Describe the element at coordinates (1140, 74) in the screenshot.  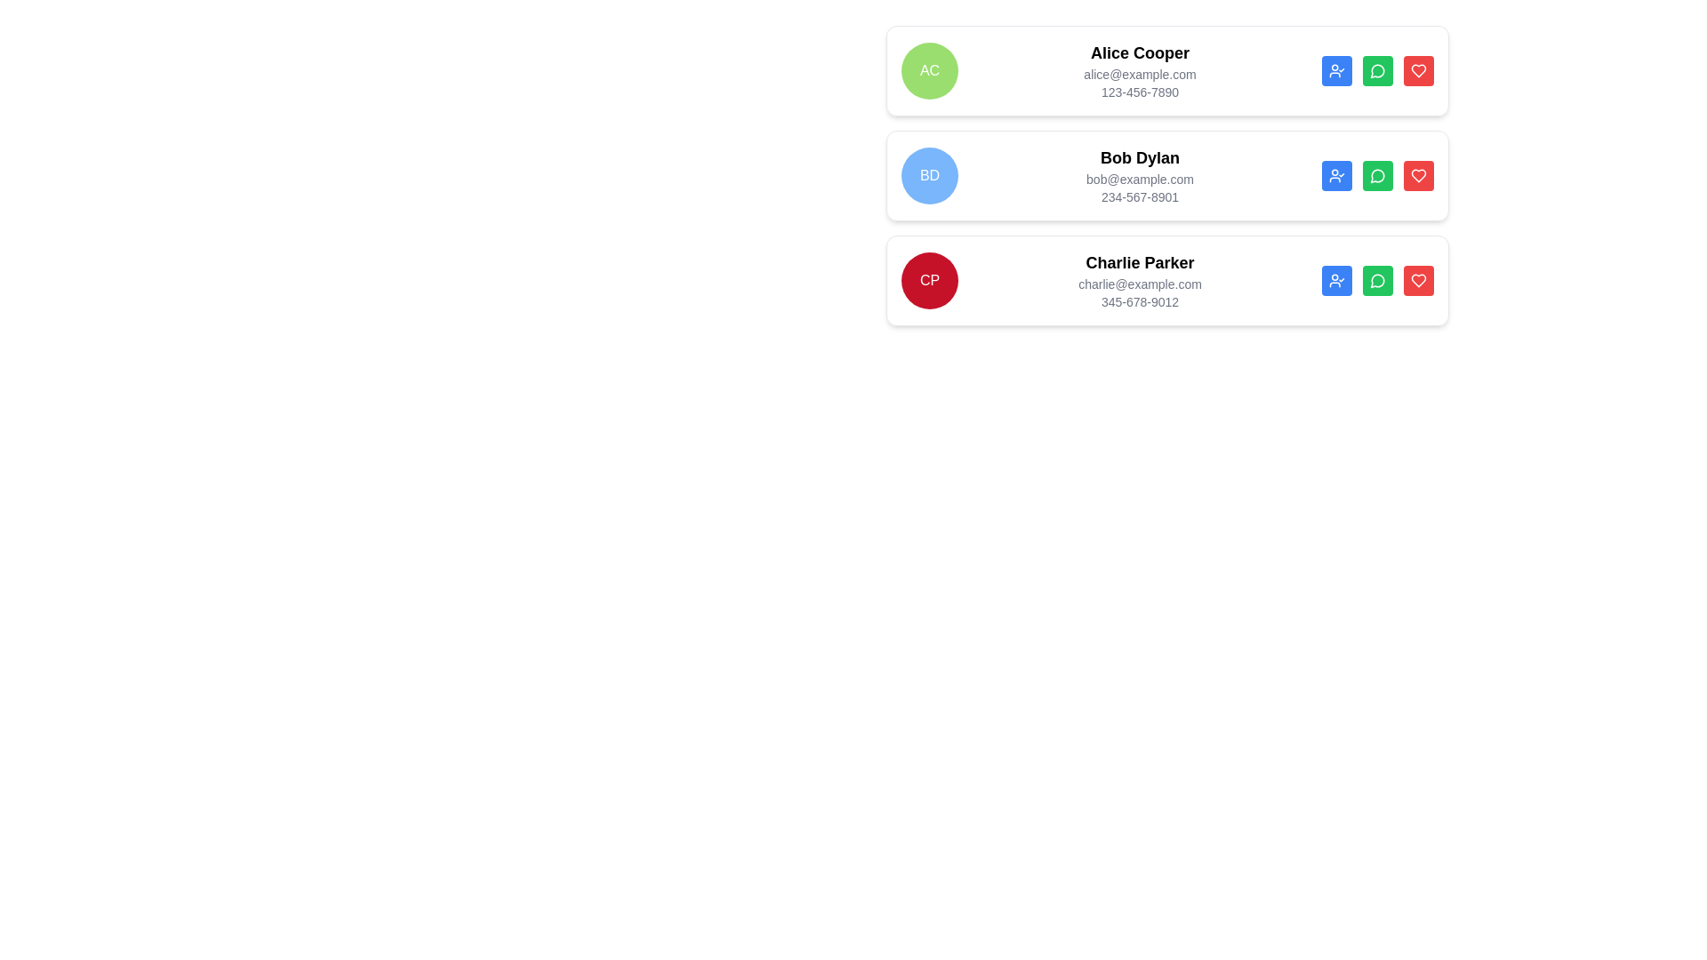
I see `the static text label displaying the email address, which is styled in a smaller gray font and positioned beneath 'Alice Cooper' in the contact card layout` at that location.